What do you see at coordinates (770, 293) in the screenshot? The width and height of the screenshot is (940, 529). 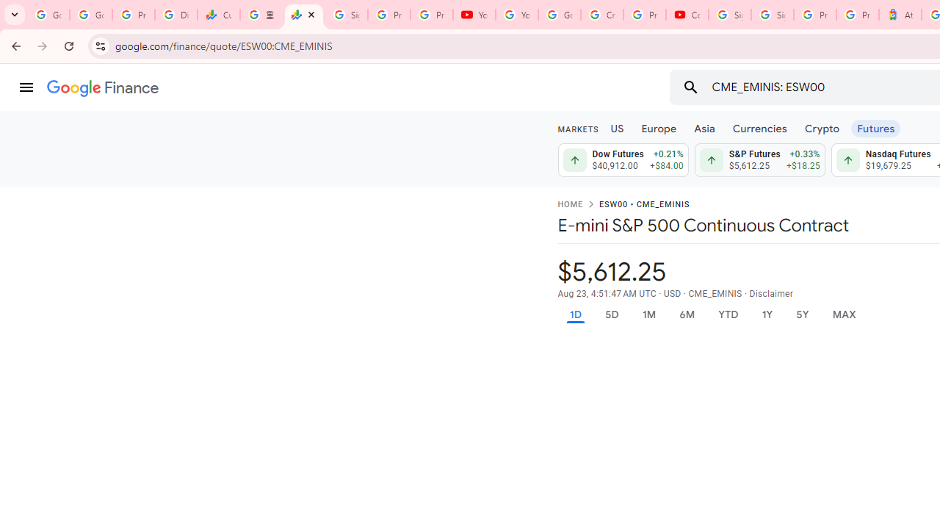 I see `'Disclaimer'` at bounding box center [770, 293].